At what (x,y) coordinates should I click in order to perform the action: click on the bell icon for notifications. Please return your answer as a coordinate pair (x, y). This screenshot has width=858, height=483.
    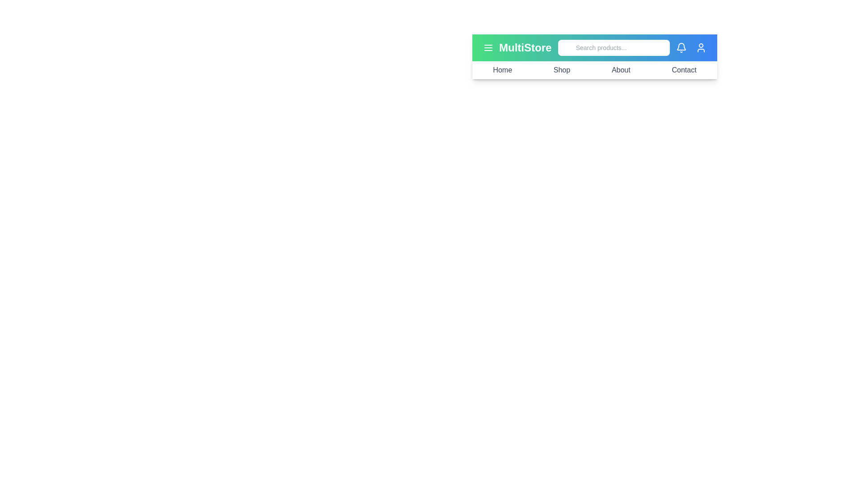
    Looking at the image, I should click on (681, 48).